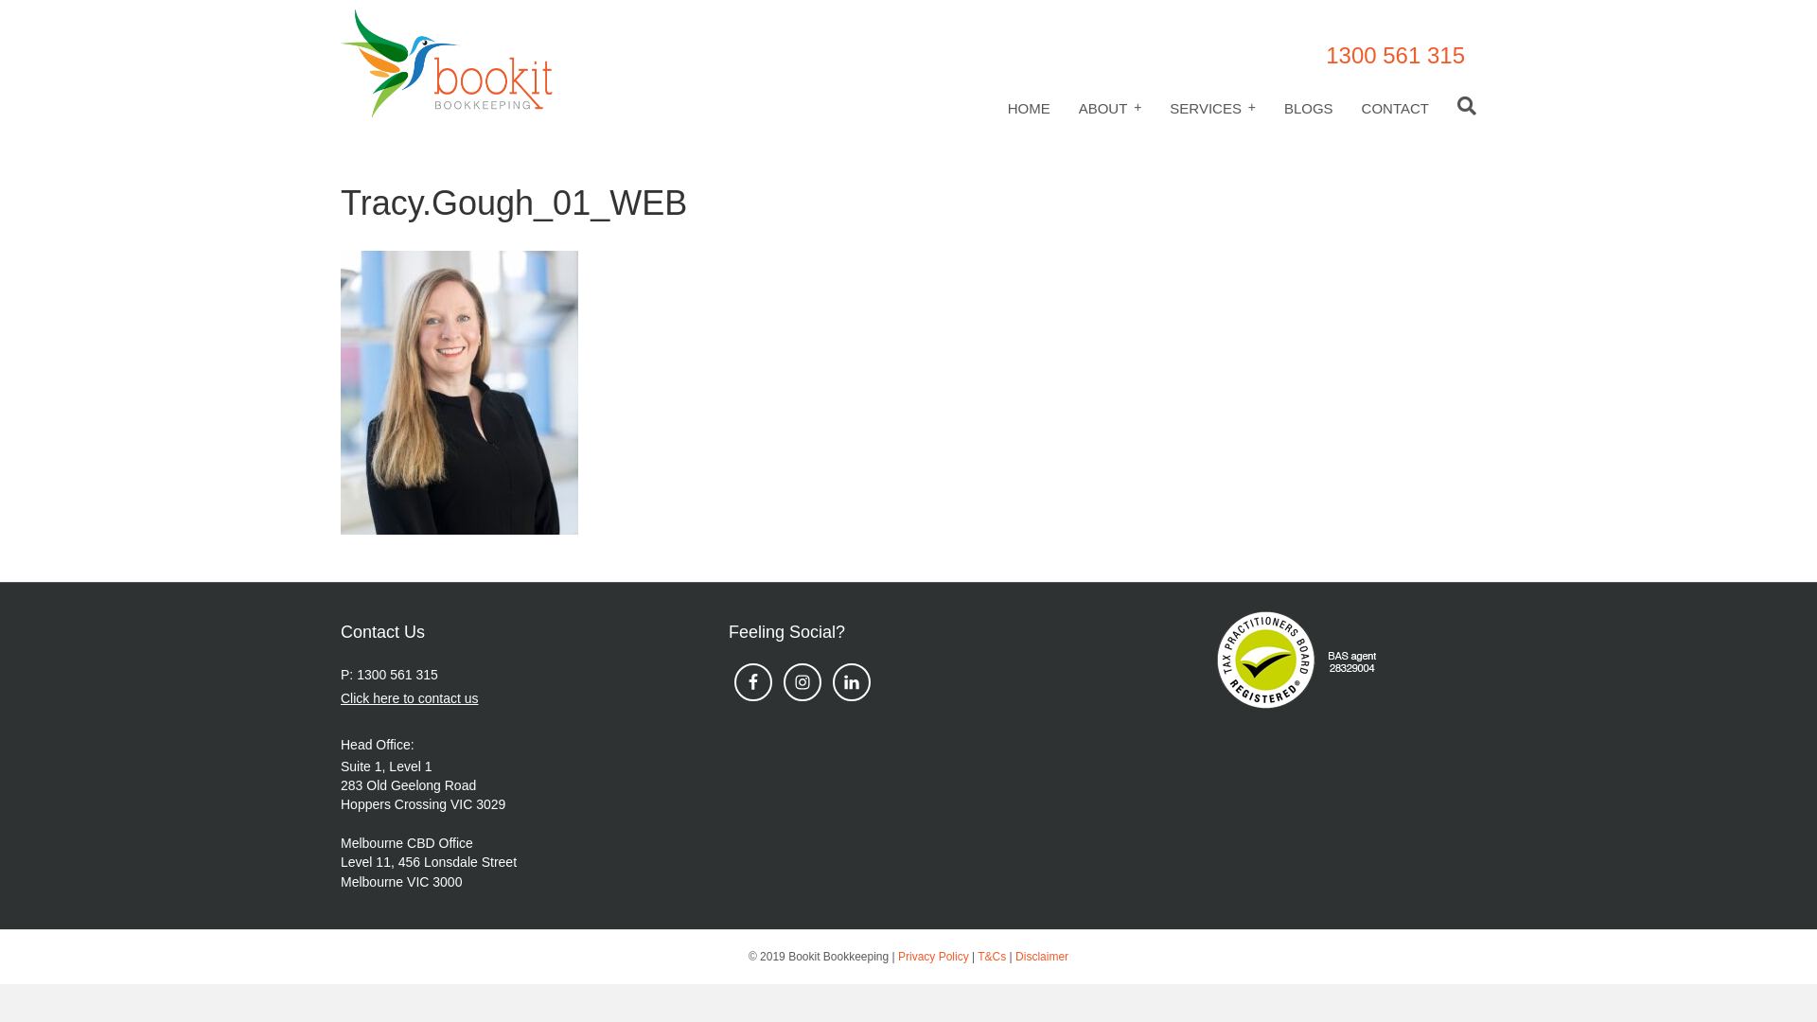  What do you see at coordinates (1325, 54) in the screenshot?
I see `'1300 561 315'` at bounding box center [1325, 54].